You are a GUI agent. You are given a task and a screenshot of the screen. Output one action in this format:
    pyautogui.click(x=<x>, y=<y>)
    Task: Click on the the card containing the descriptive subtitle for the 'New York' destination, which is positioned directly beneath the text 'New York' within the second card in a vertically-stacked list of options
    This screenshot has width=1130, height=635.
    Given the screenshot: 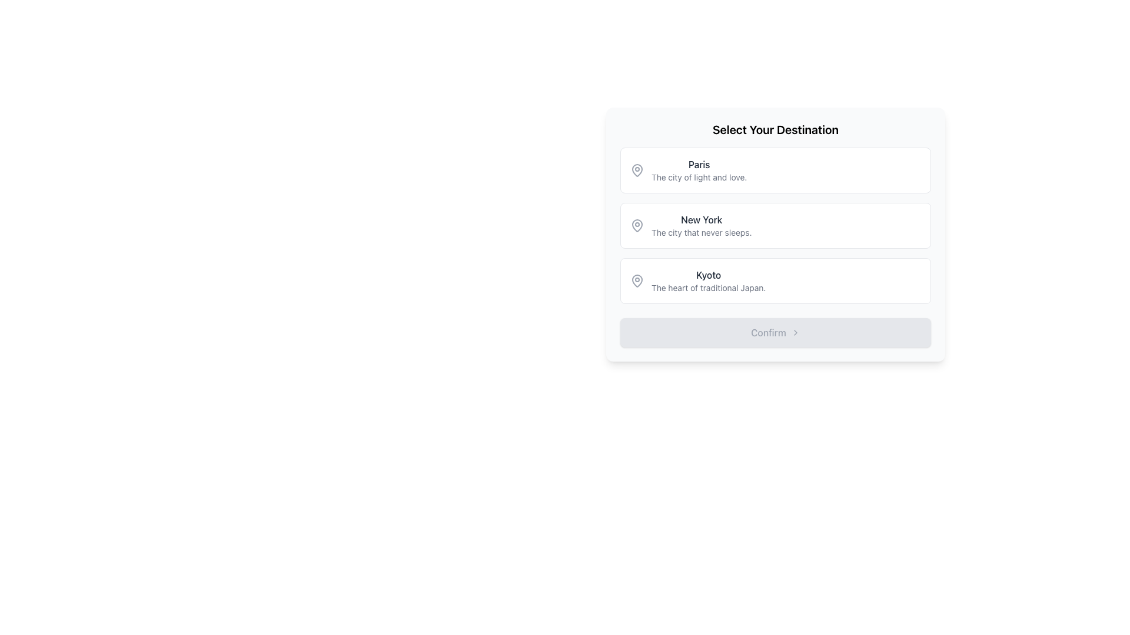 What is the action you would take?
    pyautogui.click(x=702, y=233)
    